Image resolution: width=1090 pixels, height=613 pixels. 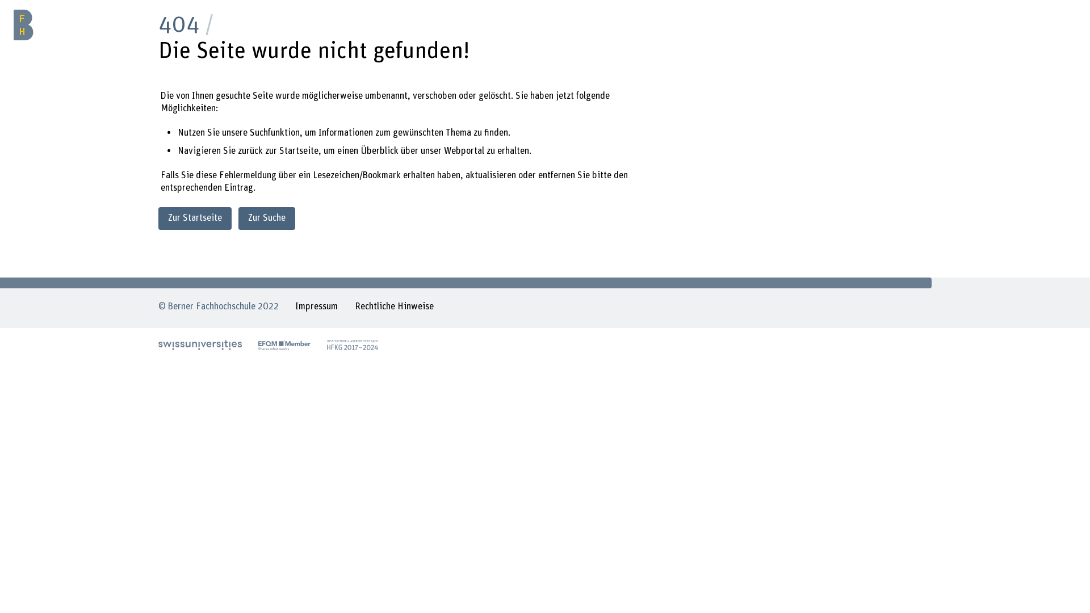 What do you see at coordinates (200, 345) in the screenshot?
I see `'swissuniversities'` at bounding box center [200, 345].